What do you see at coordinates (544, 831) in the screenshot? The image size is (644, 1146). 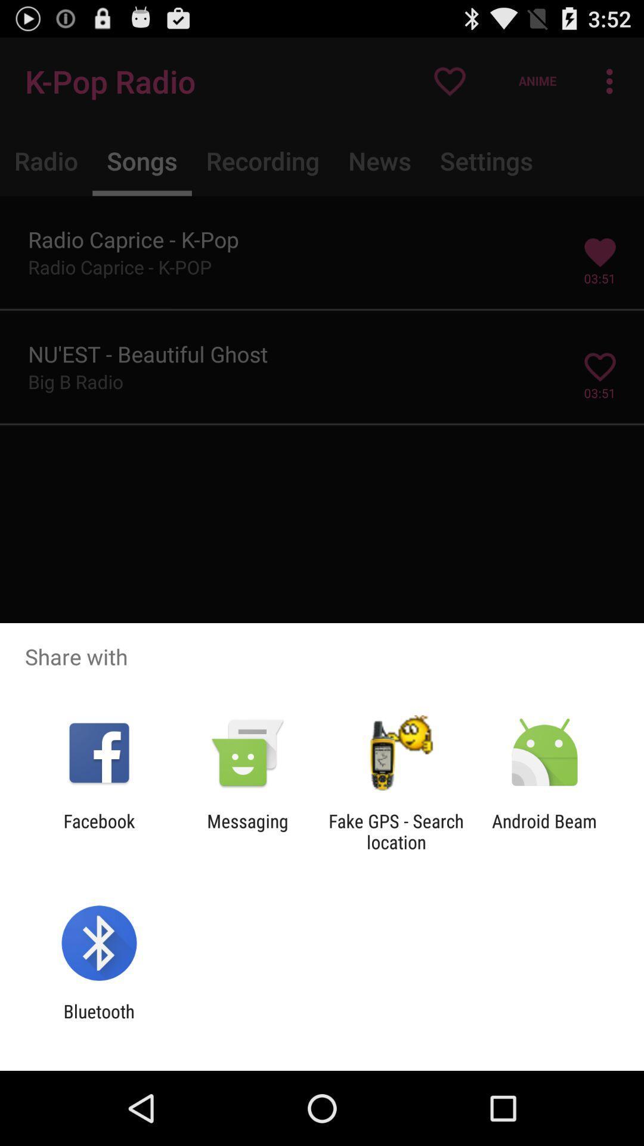 I see `the android beam app` at bounding box center [544, 831].